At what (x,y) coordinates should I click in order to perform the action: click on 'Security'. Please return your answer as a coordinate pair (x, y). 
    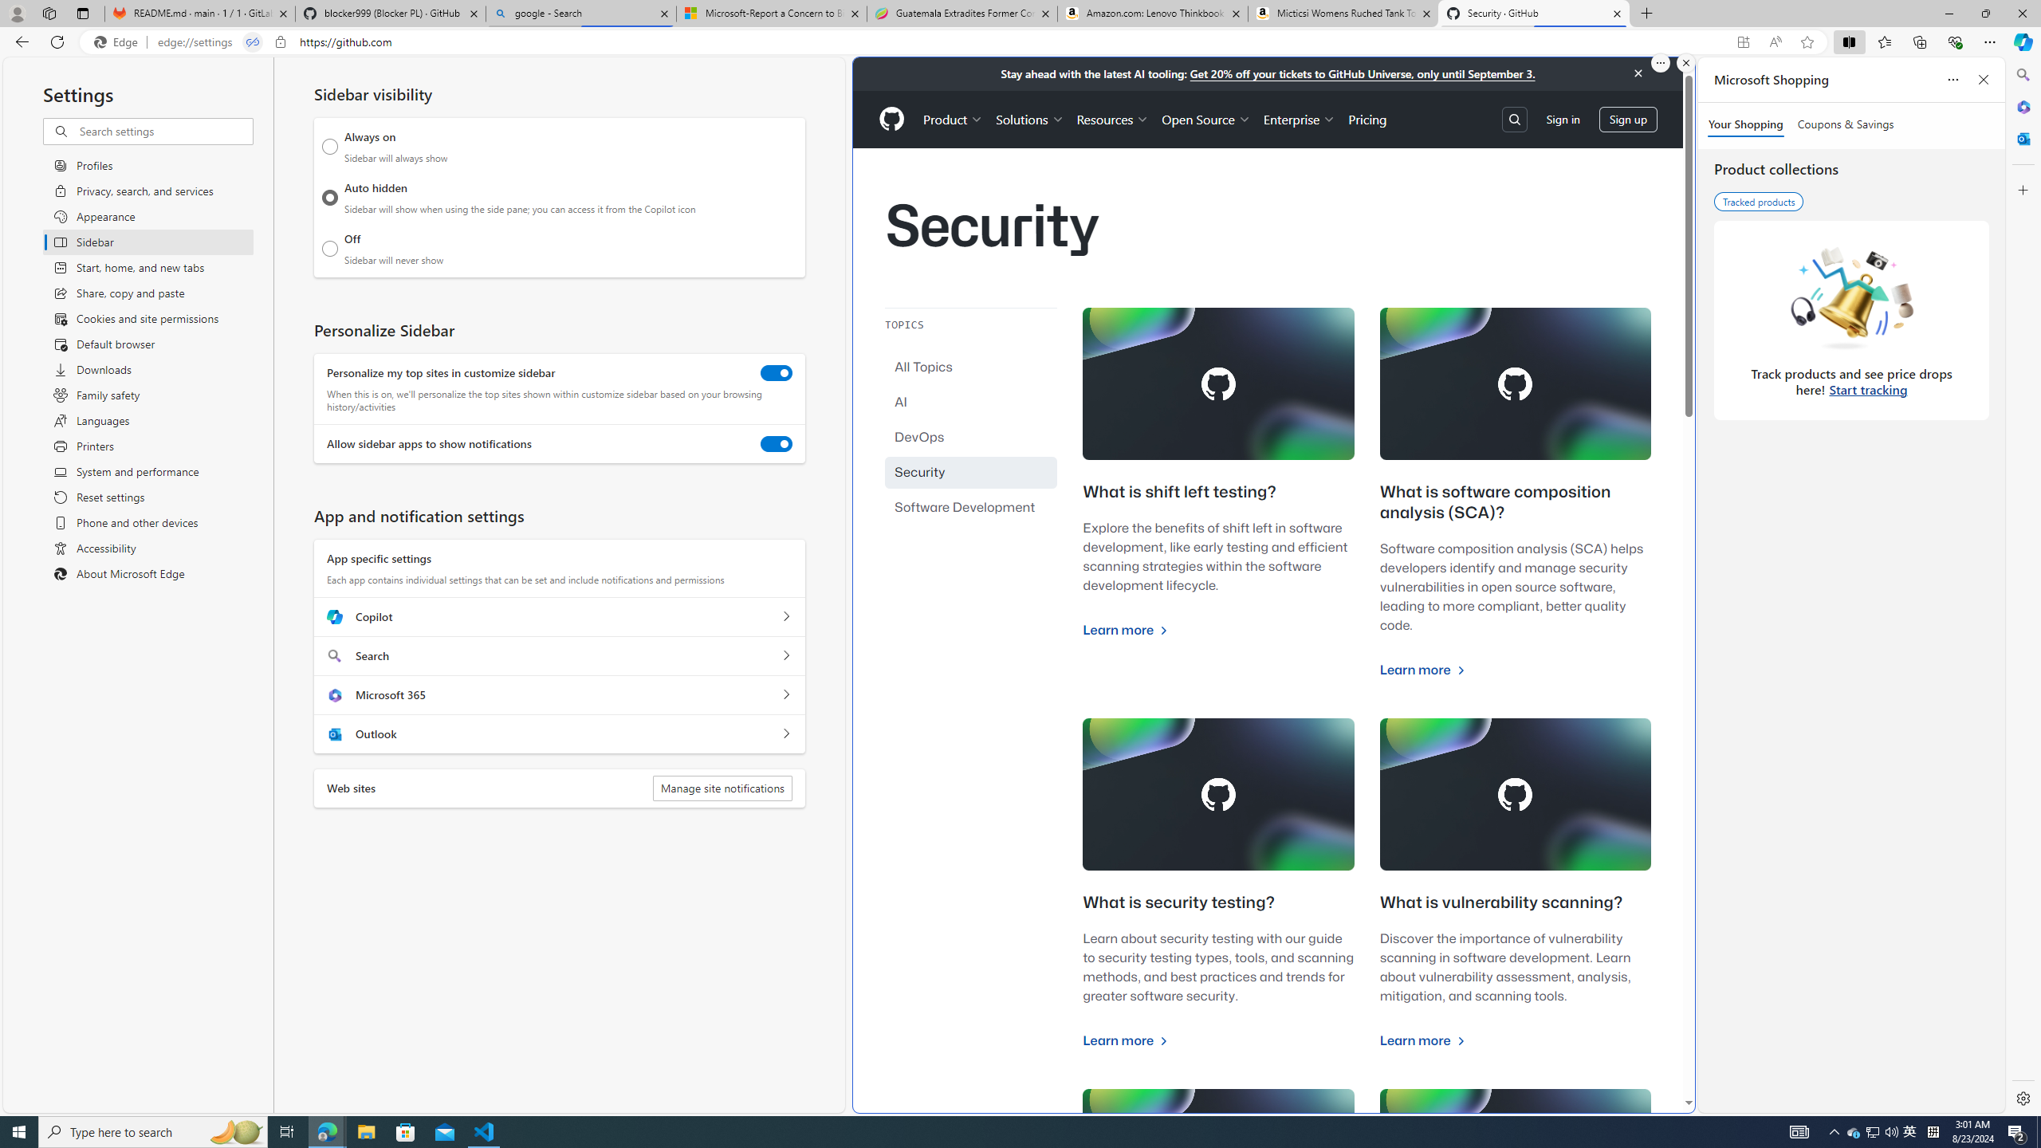
    Looking at the image, I should click on (971, 471).